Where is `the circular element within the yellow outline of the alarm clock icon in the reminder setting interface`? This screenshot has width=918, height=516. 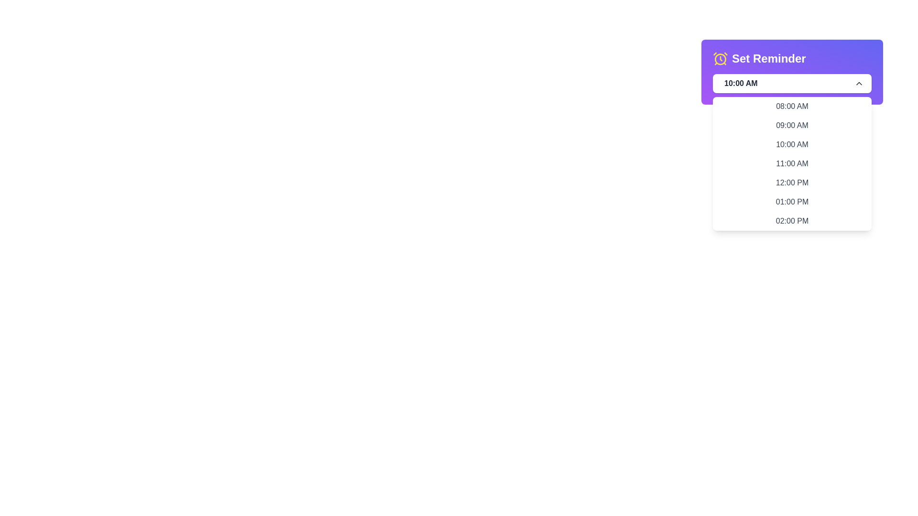
the circular element within the yellow outline of the alarm clock icon in the reminder setting interface is located at coordinates (721, 59).